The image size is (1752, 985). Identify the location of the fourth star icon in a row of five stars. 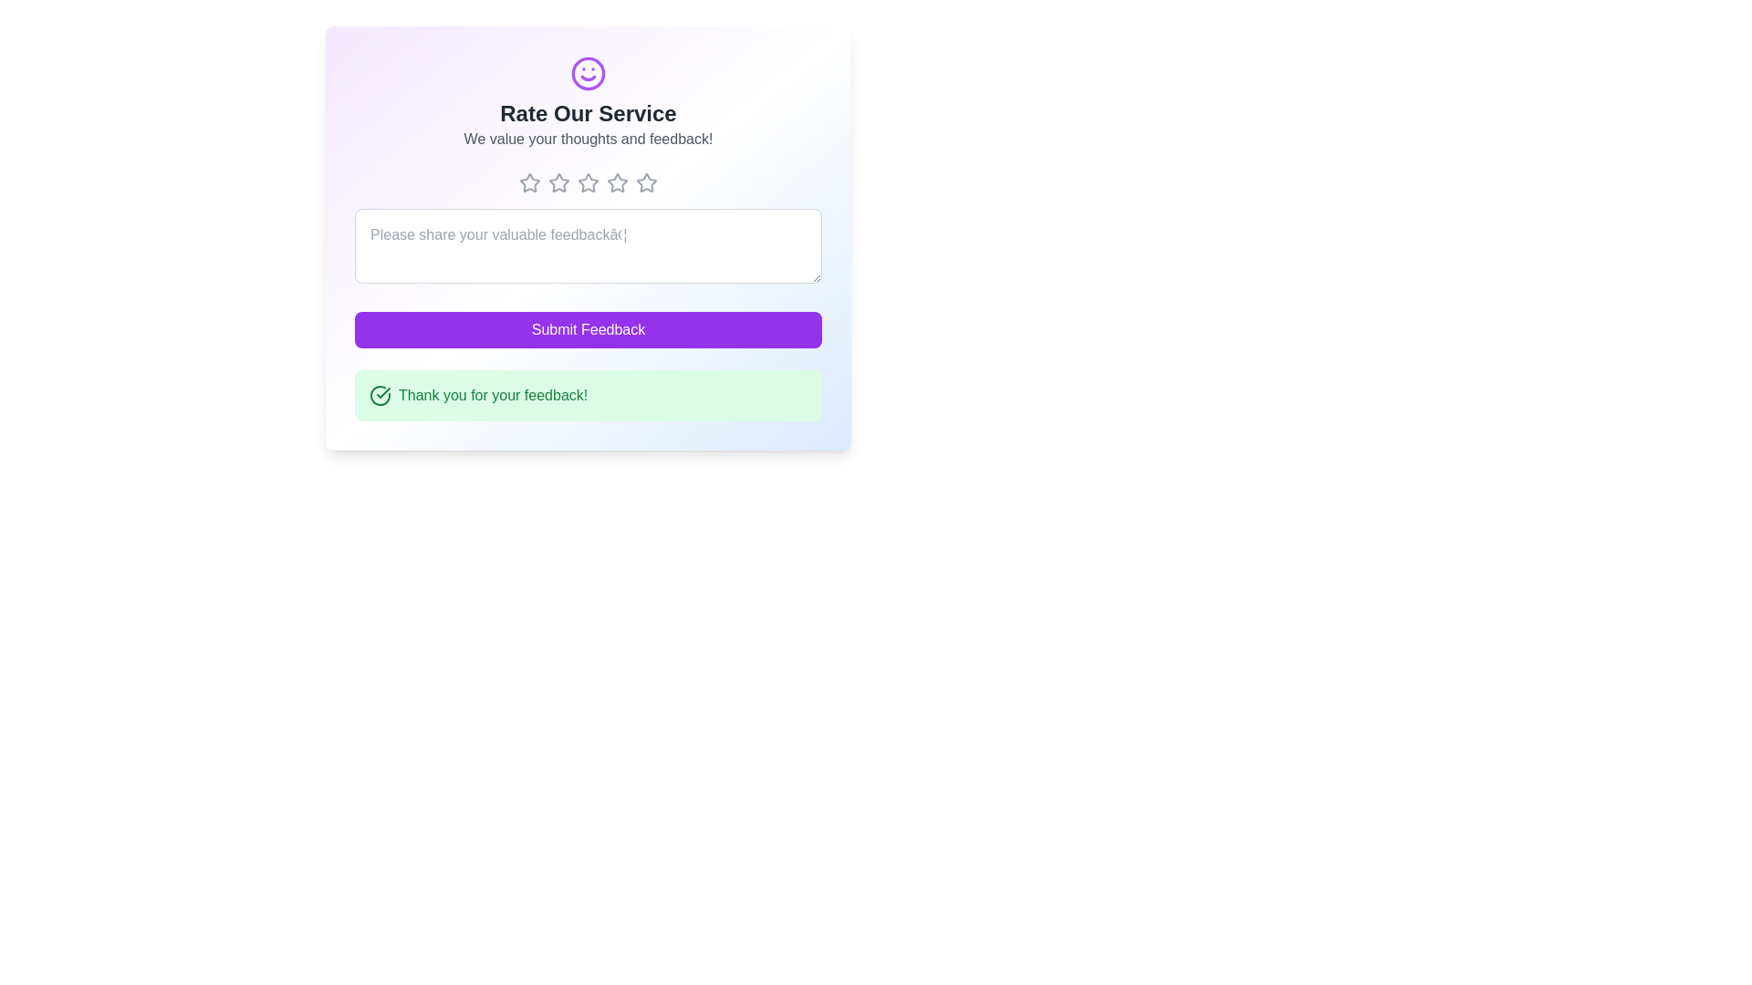
(588, 182).